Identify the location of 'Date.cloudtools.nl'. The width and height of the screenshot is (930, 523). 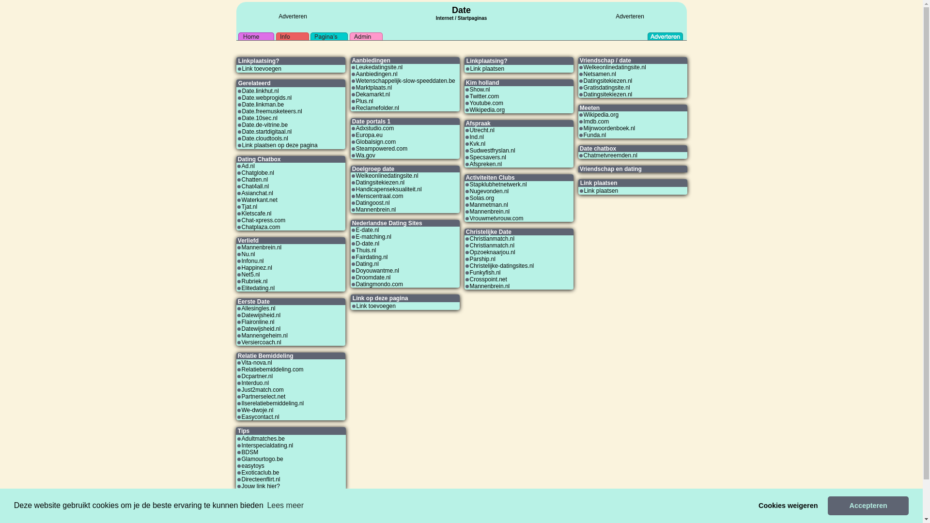
(265, 138).